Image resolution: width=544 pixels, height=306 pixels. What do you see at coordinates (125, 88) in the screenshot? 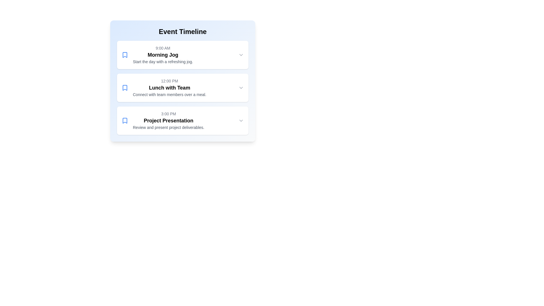
I see `the bookmark icon located at the beginning of the 'Lunch with Team' event card in the event timeline` at bounding box center [125, 88].